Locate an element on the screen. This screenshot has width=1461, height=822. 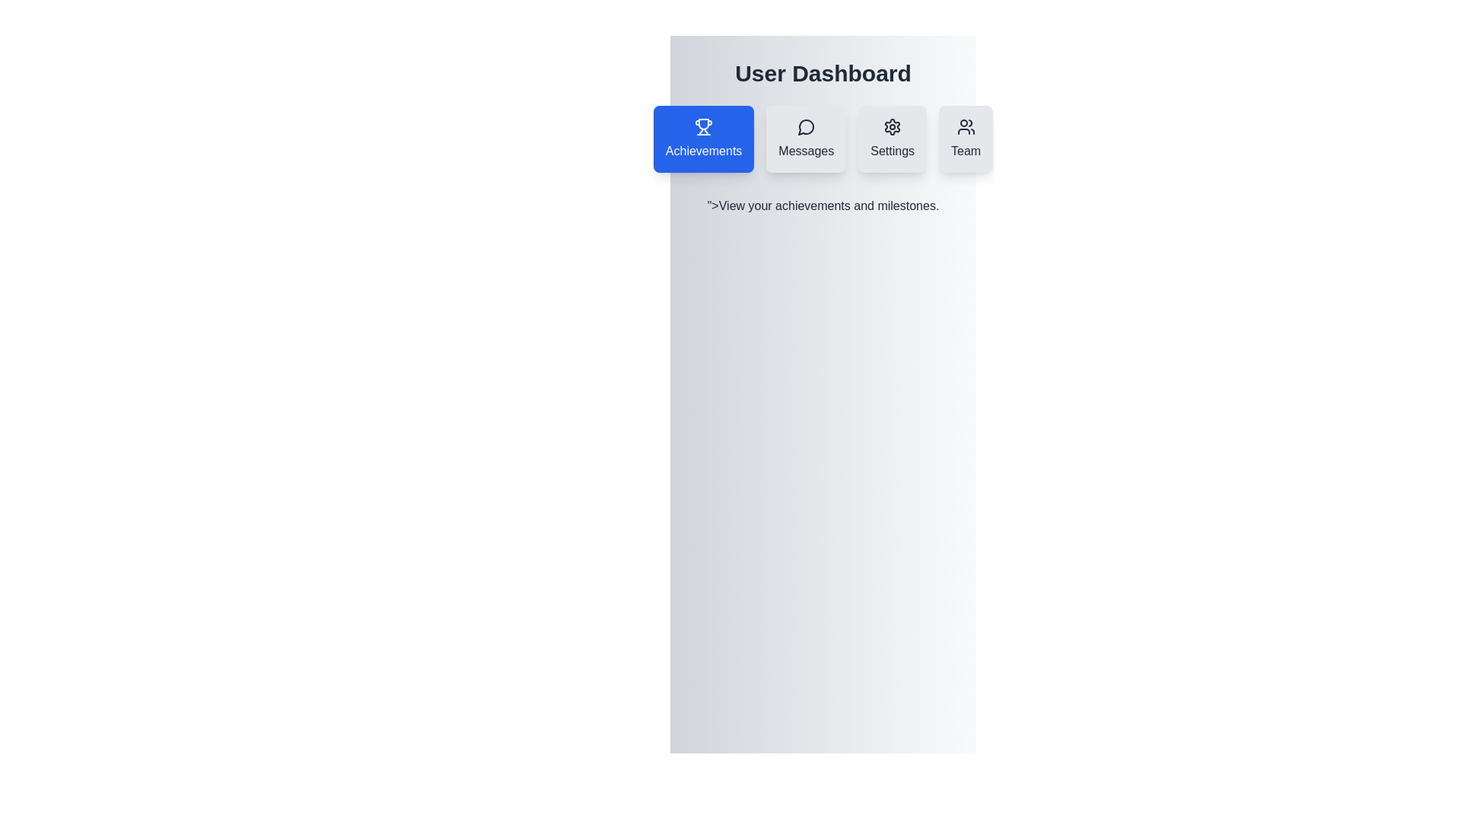
the Achievements tab to navigate to its content is located at coordinates (703, 139).